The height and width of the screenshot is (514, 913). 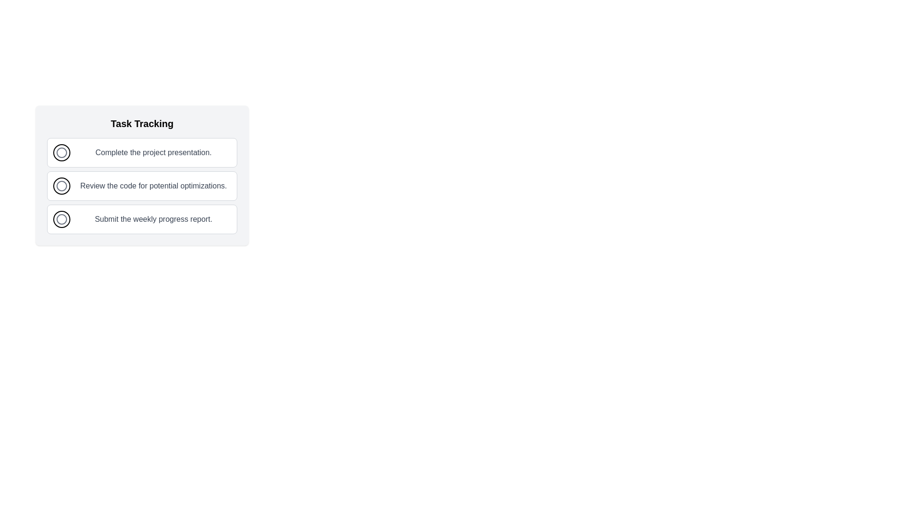 What do you see at coordinates (61, 152) in the screenshot?
I see `the first circular indicator icon adjacent to the text 'Complete the project presentation'` at bounding box center [61, 152].